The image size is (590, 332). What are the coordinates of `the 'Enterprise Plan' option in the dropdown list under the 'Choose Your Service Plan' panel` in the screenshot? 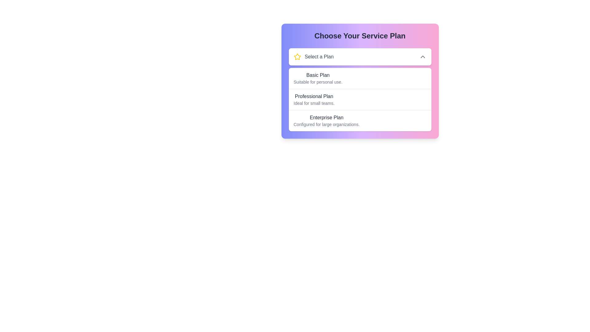 It's located at (326, 121).